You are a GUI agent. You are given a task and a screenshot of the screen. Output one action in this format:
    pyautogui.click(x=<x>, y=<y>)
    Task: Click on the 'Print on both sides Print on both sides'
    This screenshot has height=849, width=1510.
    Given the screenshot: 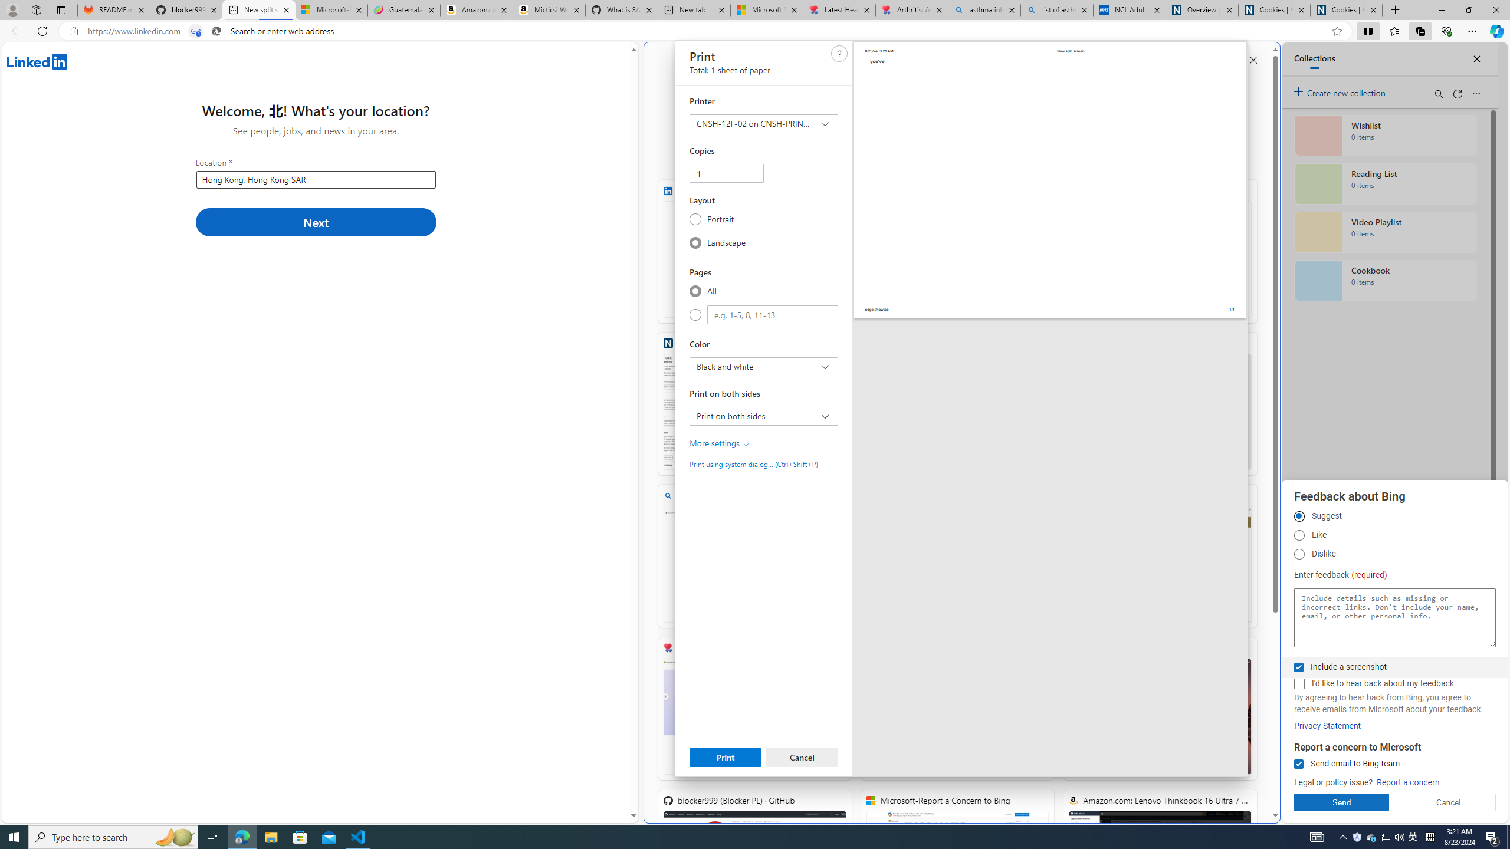 What is the action you would take?
    pyautogui.click(x=764, y=415)
    